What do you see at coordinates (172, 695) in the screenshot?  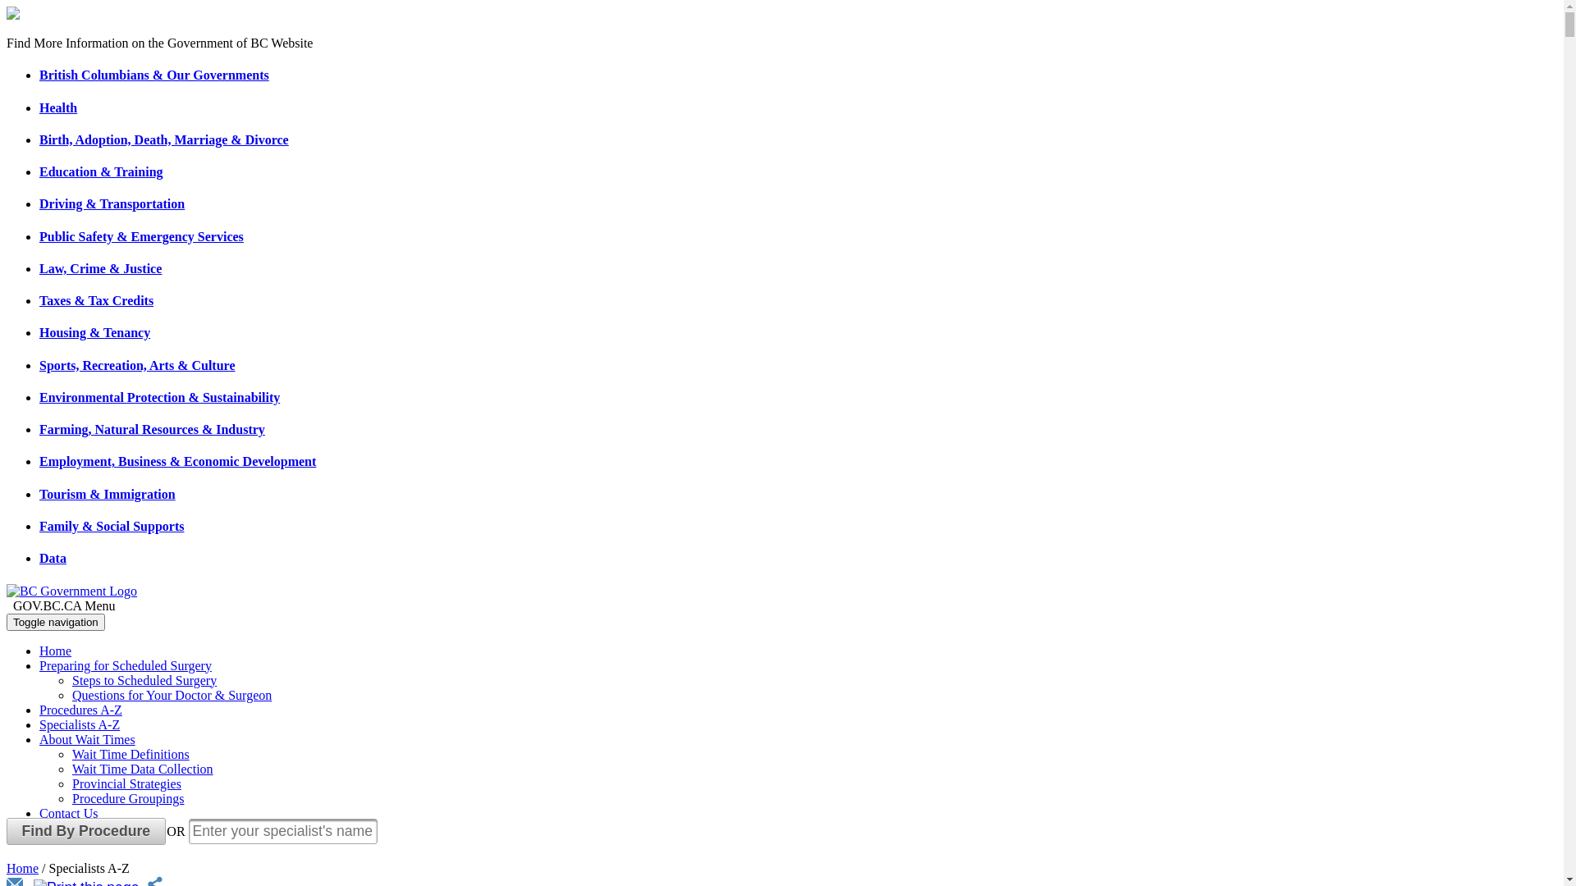 I see `'Questions for Your Doctor & Surgeon'` at bounding box center [172, 695].